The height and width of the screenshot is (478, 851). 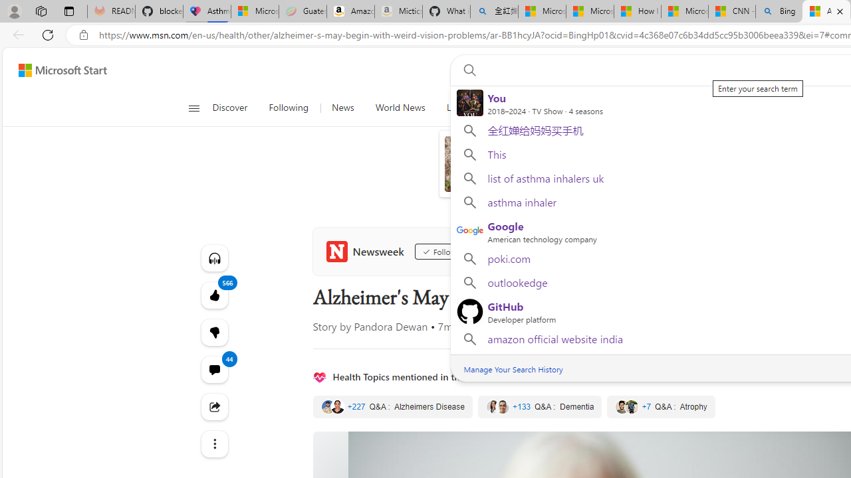 I want to click on 'Asthma Inhalers: Names and Types', so click(x=206, y=11).